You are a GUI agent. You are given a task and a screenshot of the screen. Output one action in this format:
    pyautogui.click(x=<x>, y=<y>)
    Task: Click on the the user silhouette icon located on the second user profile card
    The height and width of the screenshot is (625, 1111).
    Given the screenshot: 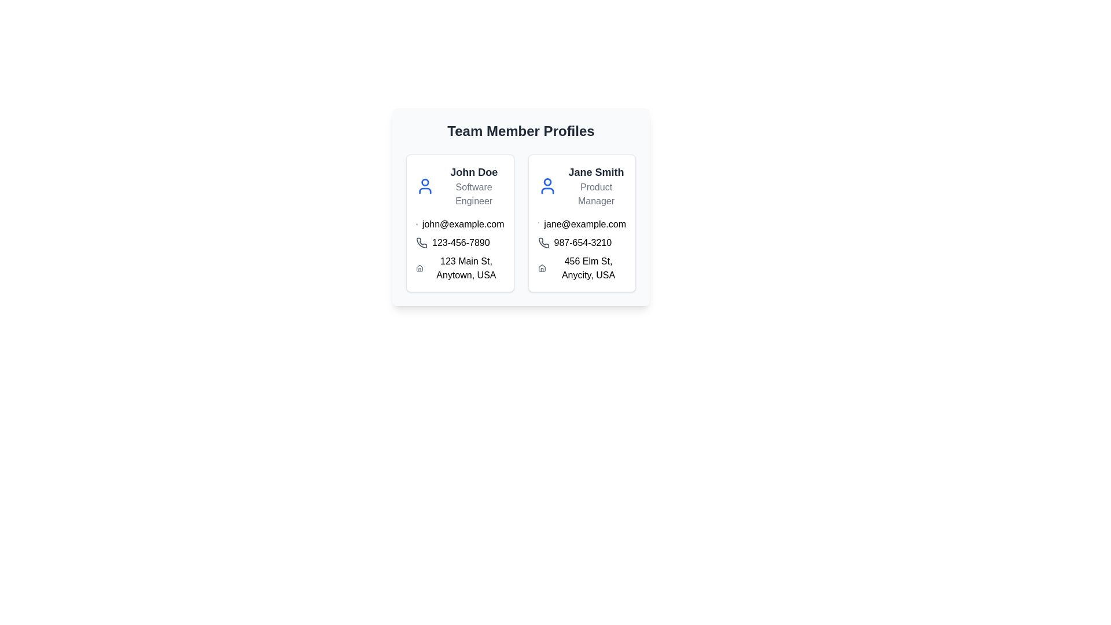 What is the action you would take?
    pyautogui.click(x=547, y=185)
    